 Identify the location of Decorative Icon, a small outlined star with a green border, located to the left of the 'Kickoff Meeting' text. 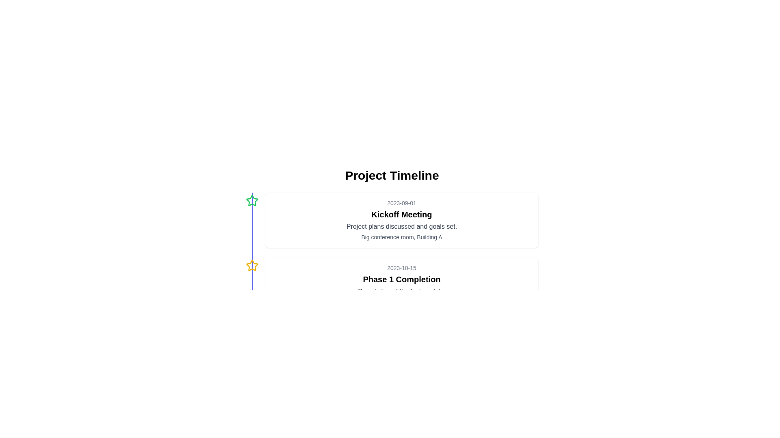
(251, 221).